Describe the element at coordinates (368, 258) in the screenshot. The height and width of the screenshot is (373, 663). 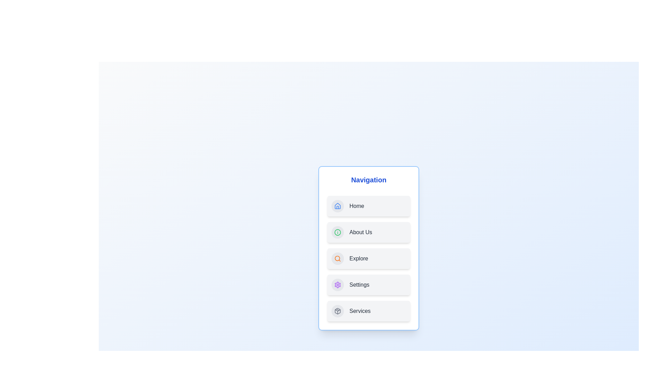
I see `the navigation item labeled Explore` at that location.